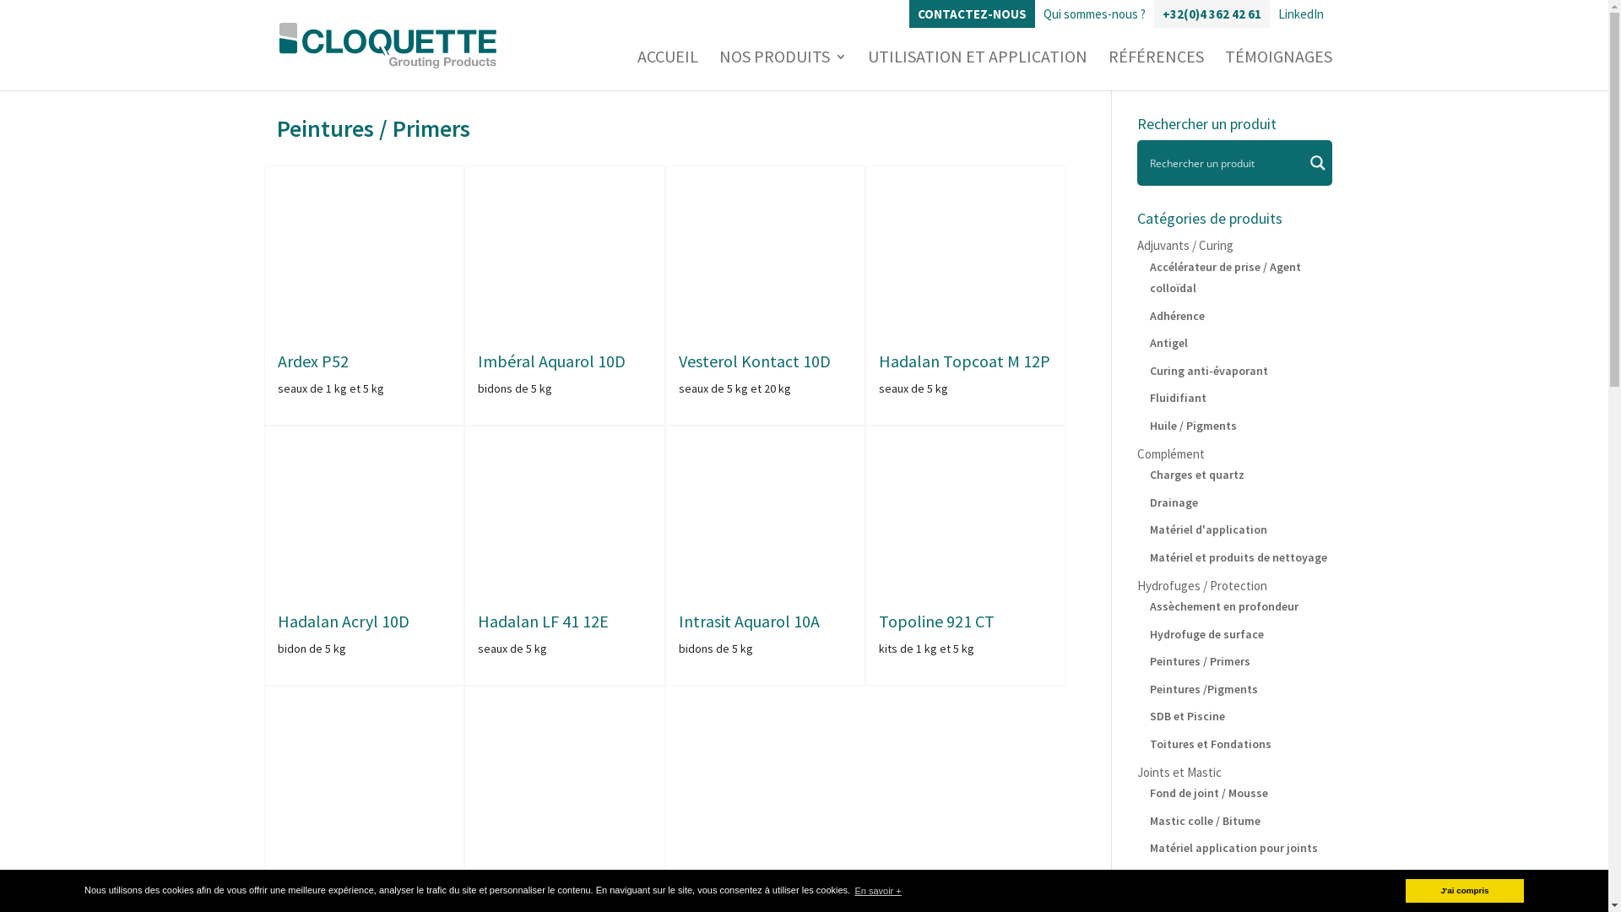 The height and width of the screenshot is (912, 1621). I want to click on 'Huile / Pigments', so click(1192, 423).